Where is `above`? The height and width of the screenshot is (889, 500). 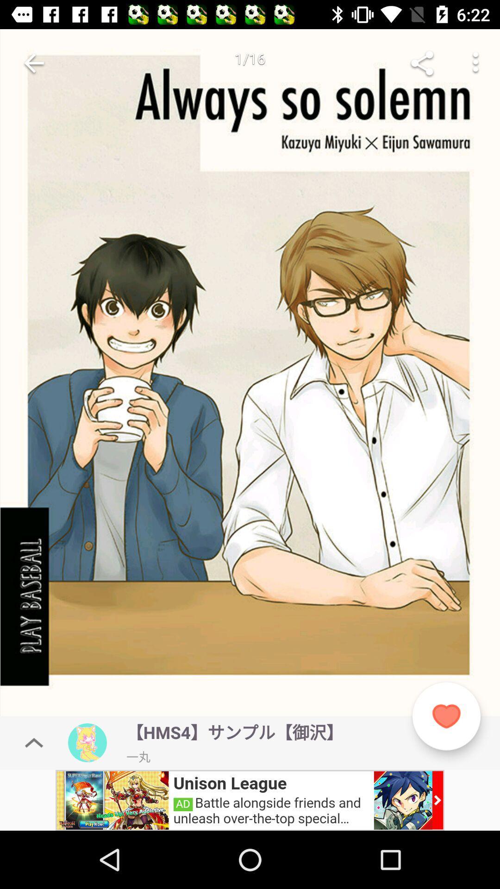 above is located at coordinates (33, 743).